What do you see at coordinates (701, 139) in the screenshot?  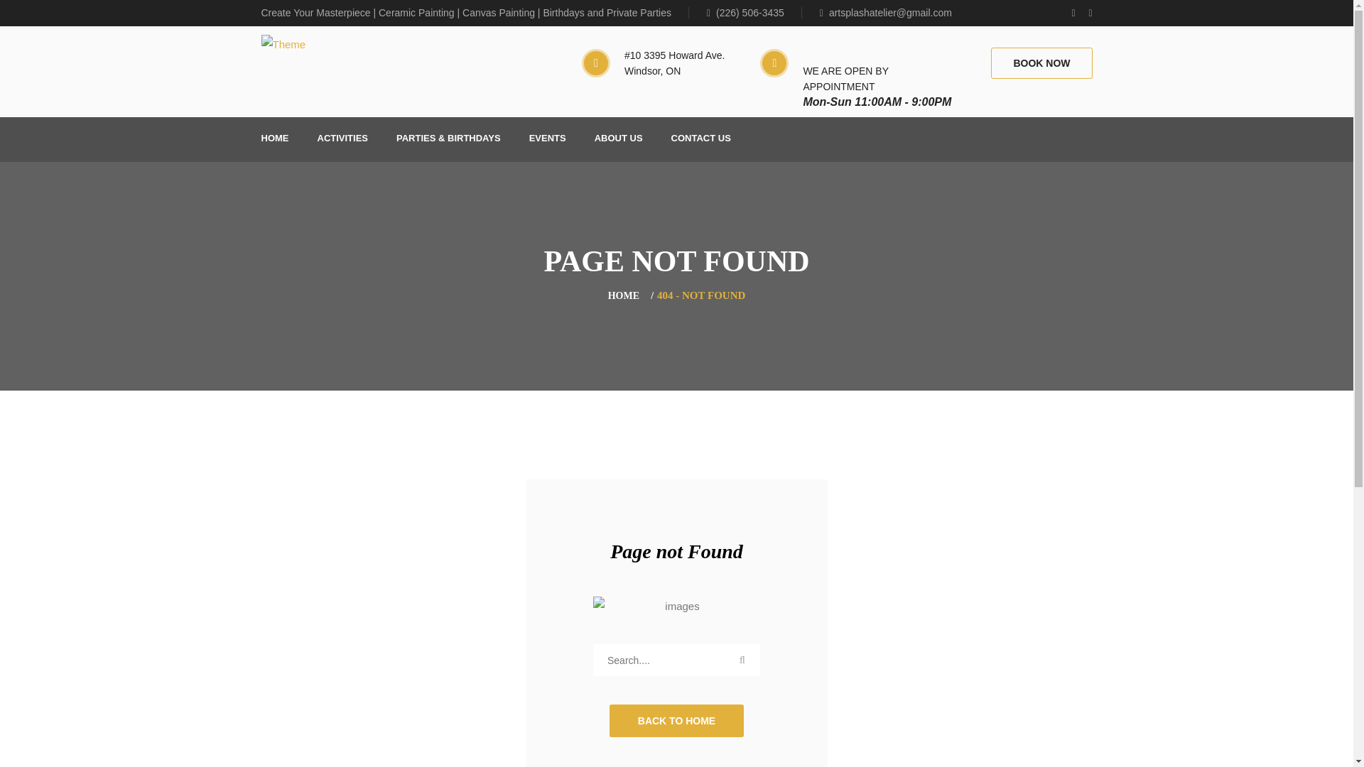 I see `'CONTACT US'` at bounding box center [701, 139].